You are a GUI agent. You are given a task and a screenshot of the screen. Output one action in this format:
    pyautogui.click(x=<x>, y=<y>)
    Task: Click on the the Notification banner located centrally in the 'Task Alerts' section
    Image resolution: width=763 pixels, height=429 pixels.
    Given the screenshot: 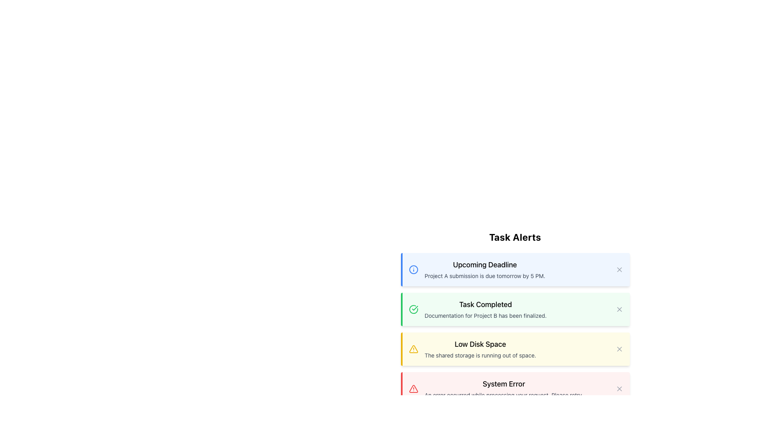 What is the action you would take?
    pyautogui.click(x=516, y=269)
    